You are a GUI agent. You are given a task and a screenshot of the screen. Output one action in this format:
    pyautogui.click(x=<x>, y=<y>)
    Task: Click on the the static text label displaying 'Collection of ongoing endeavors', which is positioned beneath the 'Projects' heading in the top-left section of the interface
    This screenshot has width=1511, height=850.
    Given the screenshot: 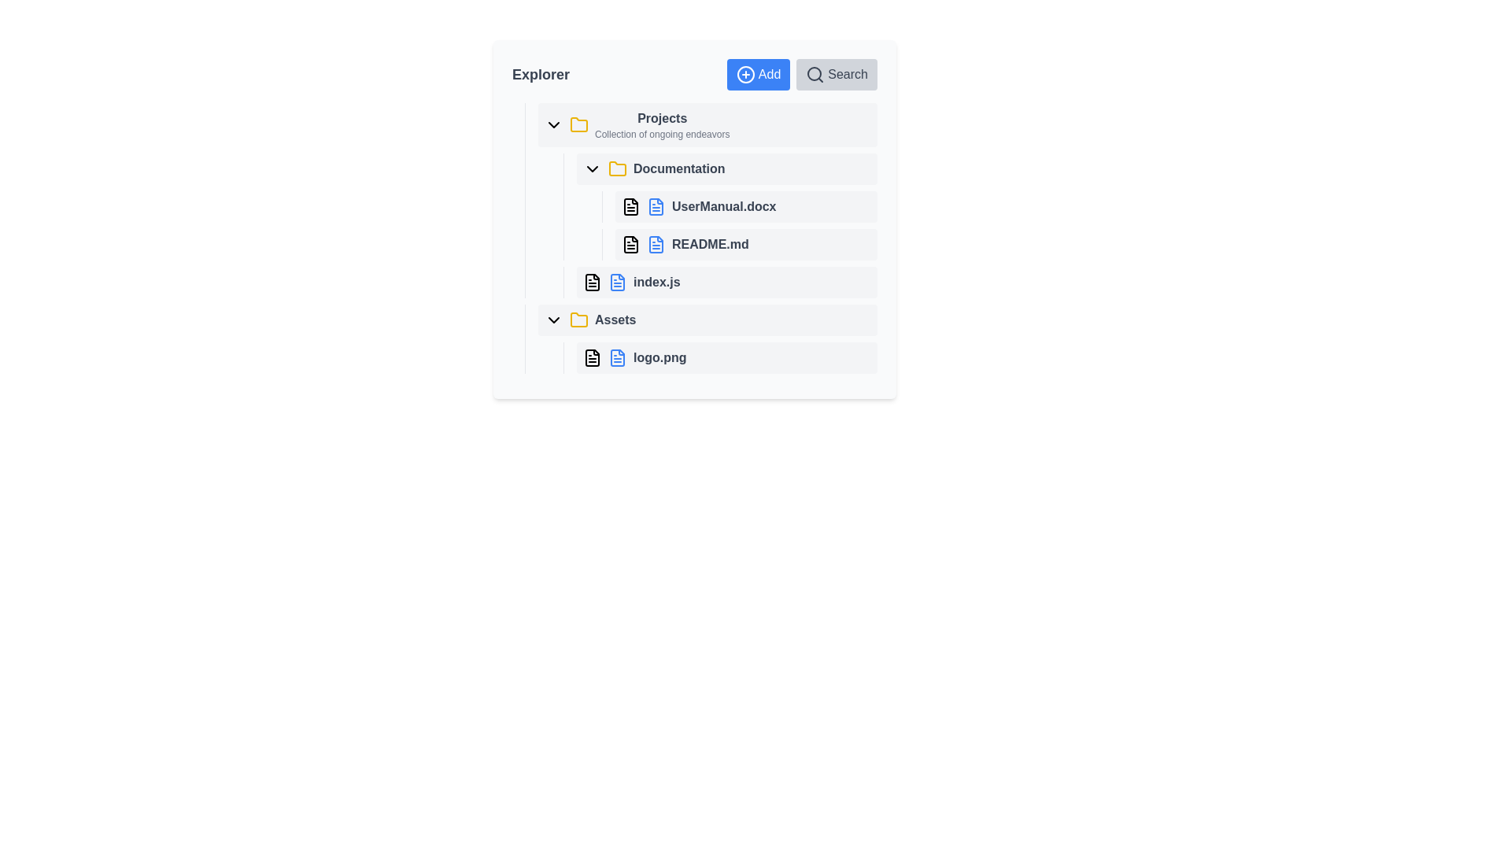 What is the action you would take?
    pyautogui.click(x=662, y=133)
    